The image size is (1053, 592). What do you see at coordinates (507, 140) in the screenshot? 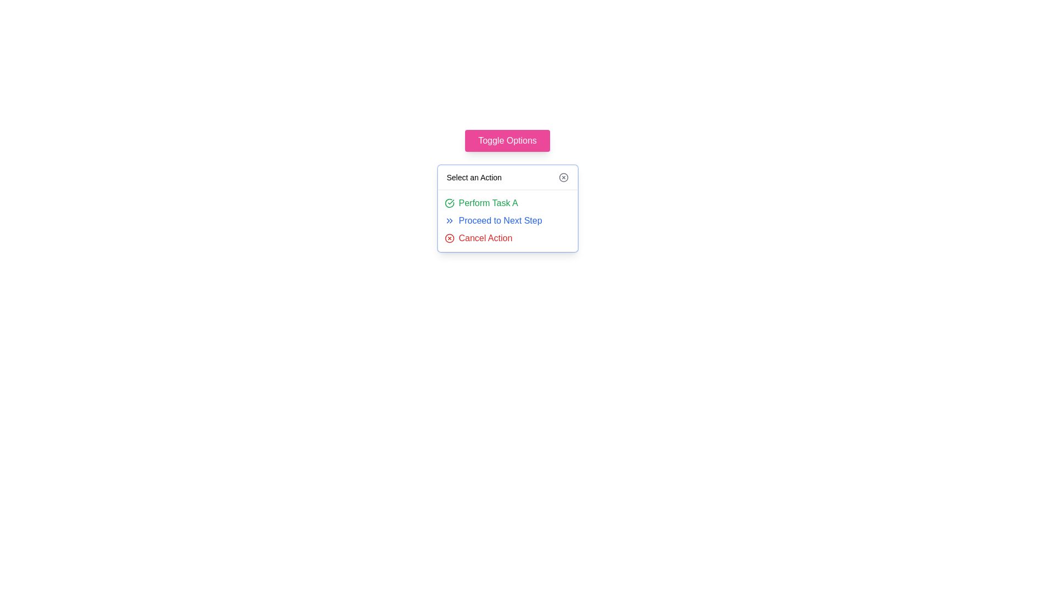
I see `the pink button labeled 'Toggle Options'` at bounding box center [507, 140].